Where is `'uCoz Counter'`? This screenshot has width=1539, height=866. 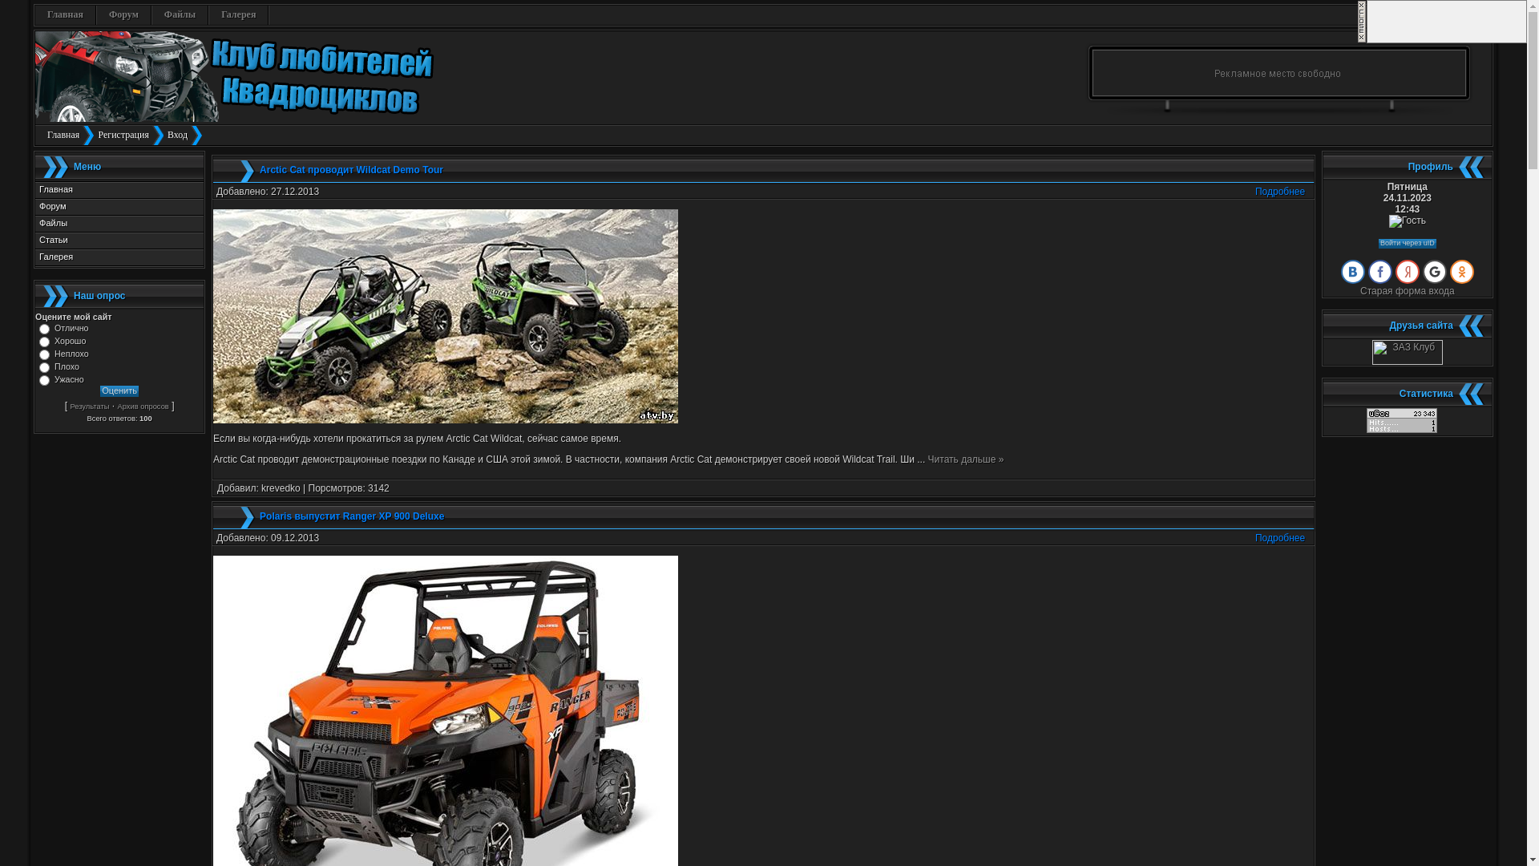 'uCoz Counter' is located at coordinates (1400, 429).